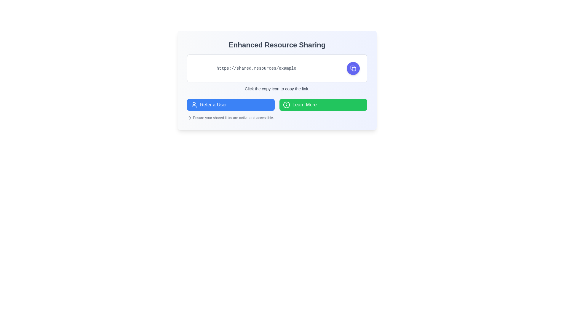  Describe the element at coordinates (189, 118) in the screenshot. I see `the small right-pointing arrow icon with a minimalist design, located at the left end of a text section that includes the message 'Ensure your shared links are active and accessible.'` at that location.